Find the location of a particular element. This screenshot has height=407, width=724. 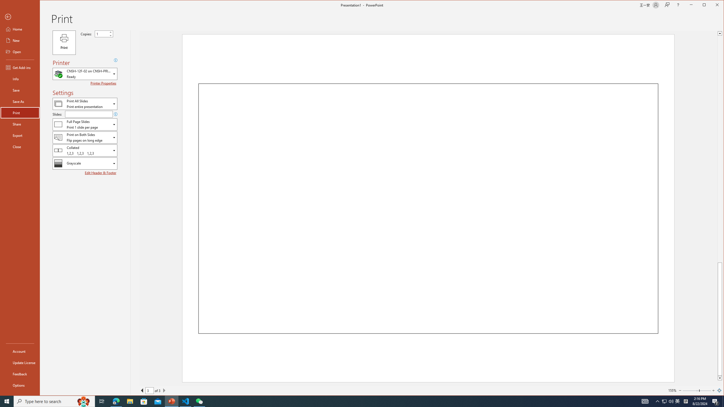

'Which Printer' is located at coordinates (85, 74).